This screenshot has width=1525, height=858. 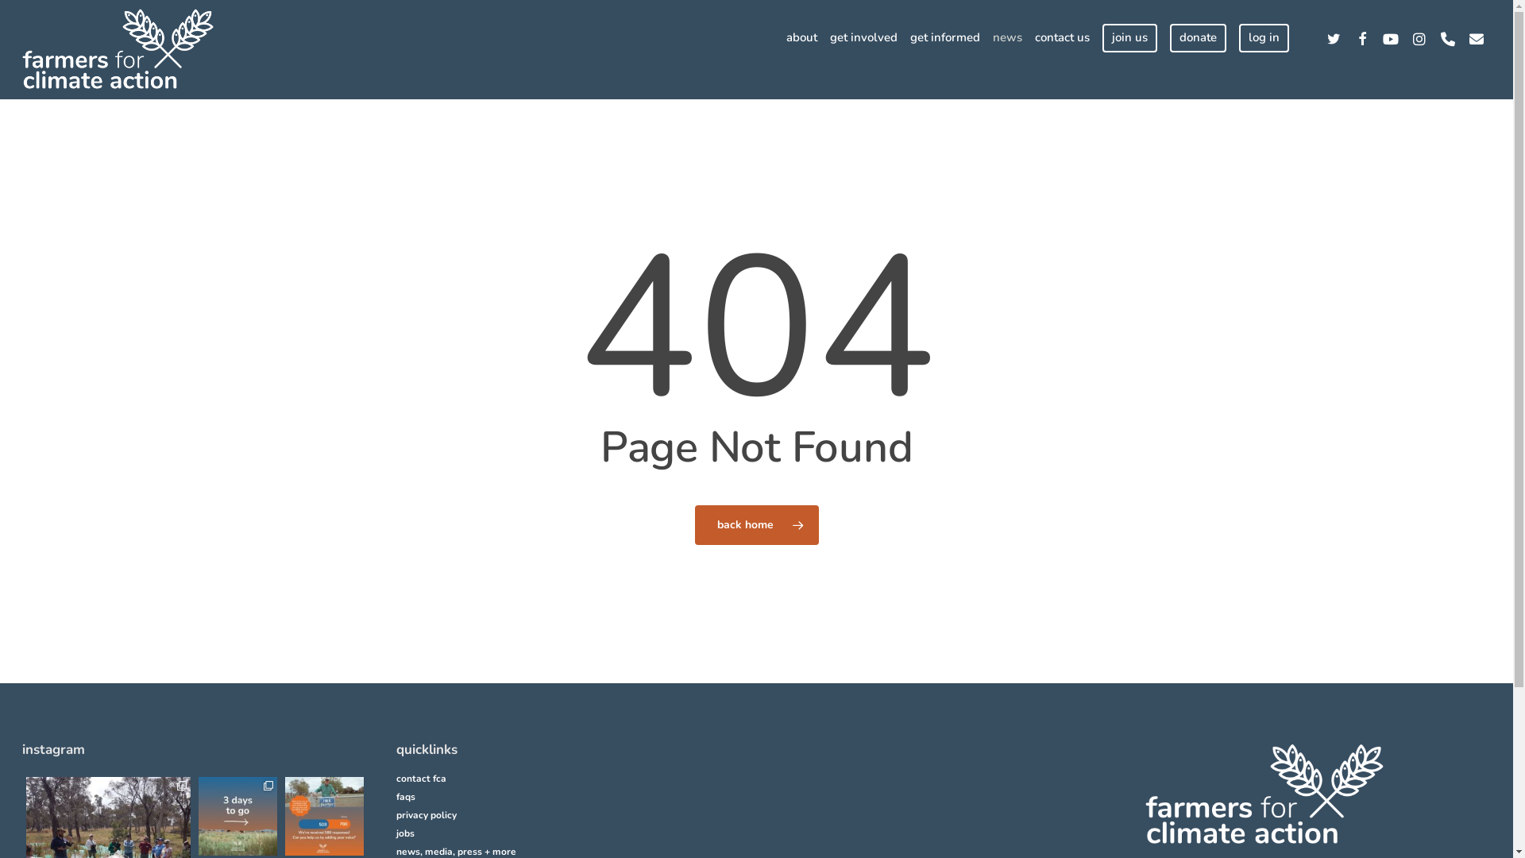 What do you see at coordinates (1375, 37) in the screenshot?
I see `'youtube'` at bounding box center [1375, 37].